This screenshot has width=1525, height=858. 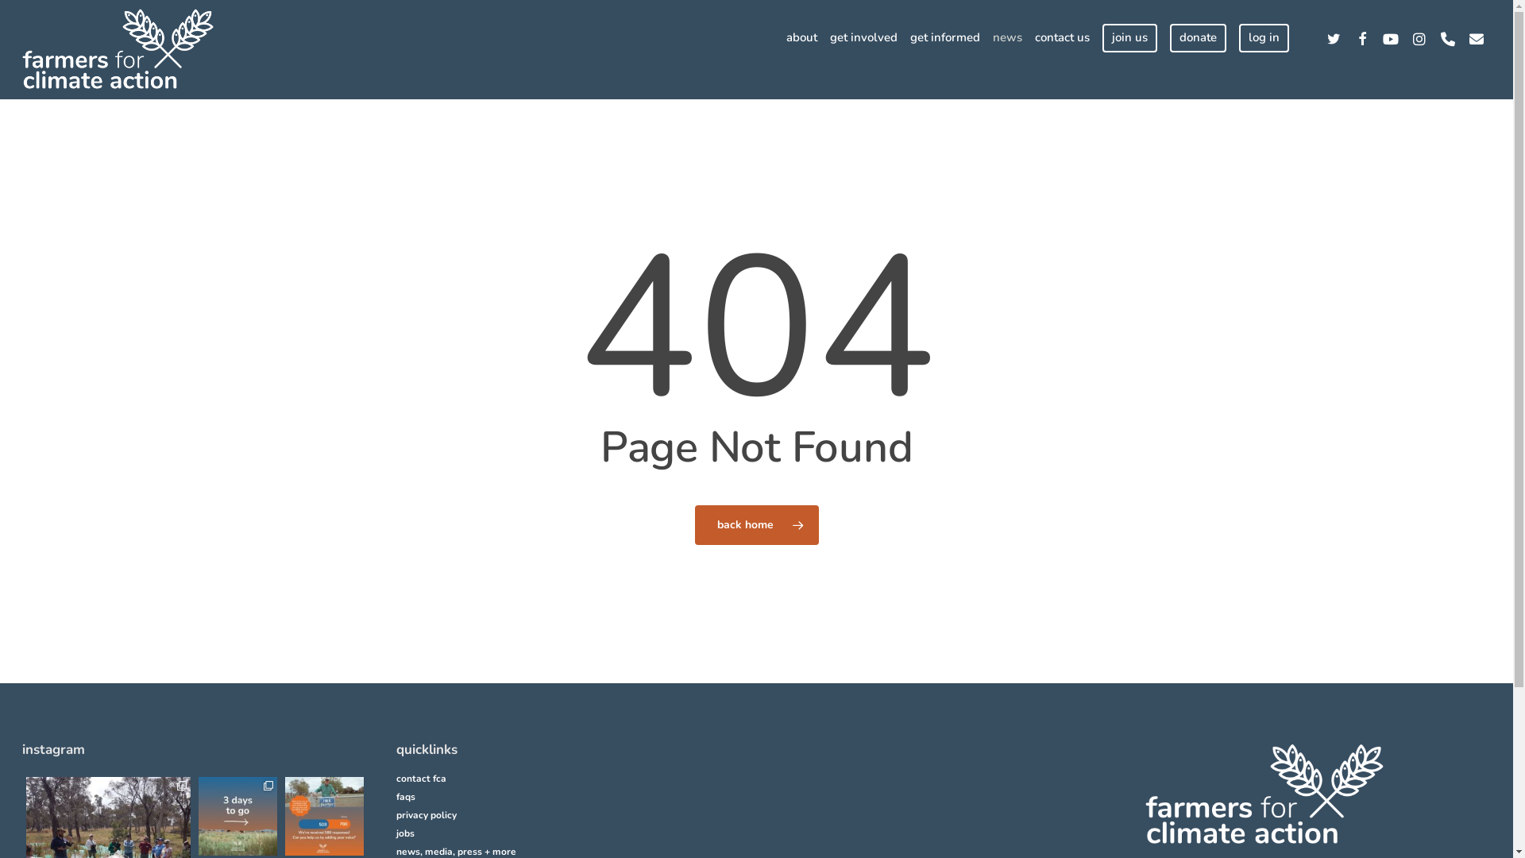 What do you see at coordinates (1375, 37) in the screenshot?
I see `'youtube'` at bounding box center [1375, 37].